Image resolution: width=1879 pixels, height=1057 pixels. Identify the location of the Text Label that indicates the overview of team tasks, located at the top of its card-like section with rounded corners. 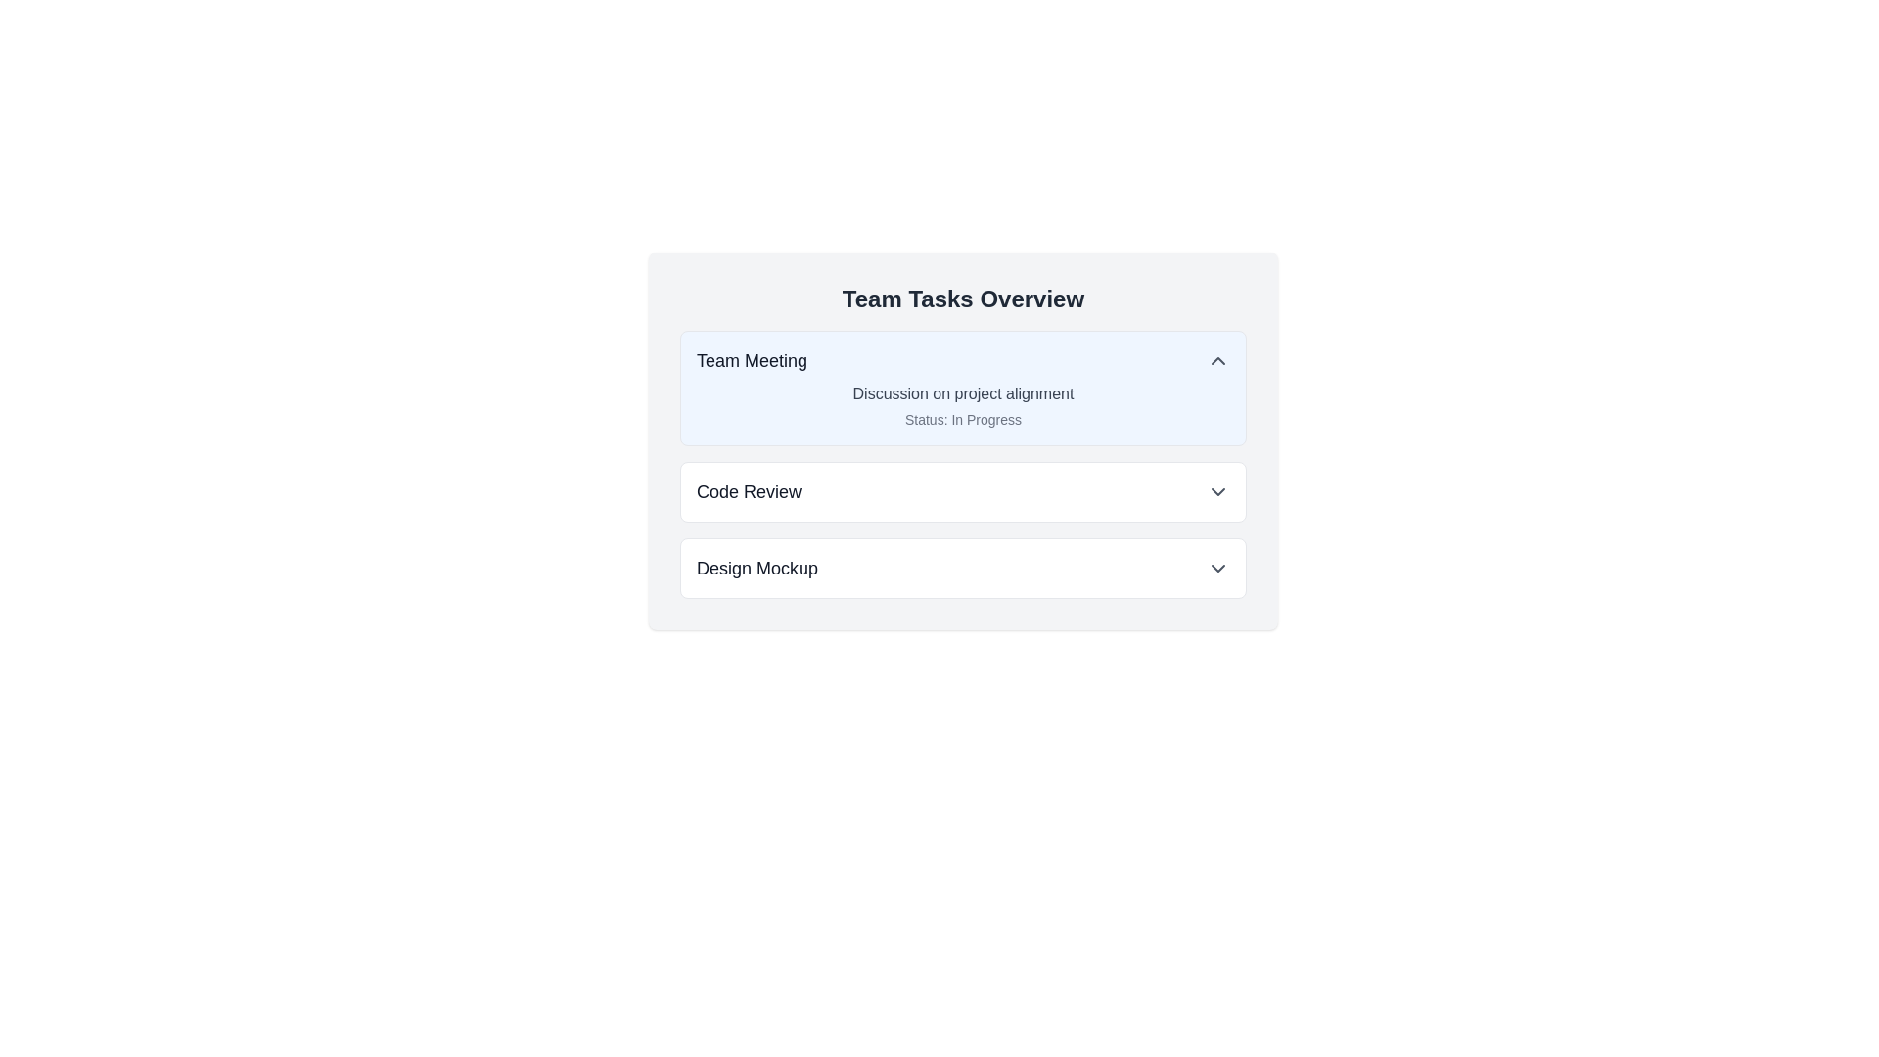
(963, 299).